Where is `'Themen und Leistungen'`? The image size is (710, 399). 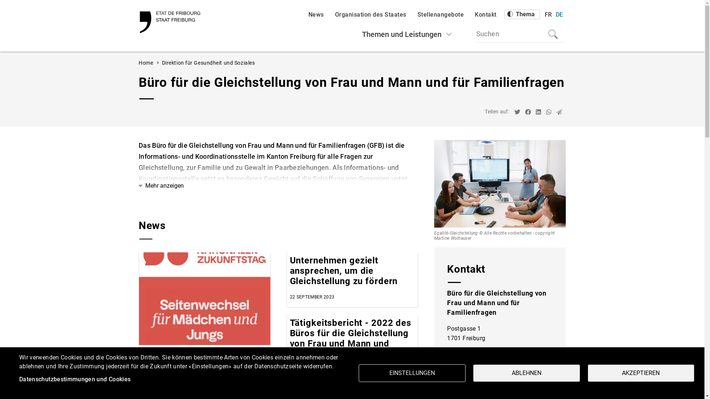
'Themen und Leistungen' is located at coordinates (406, 34).